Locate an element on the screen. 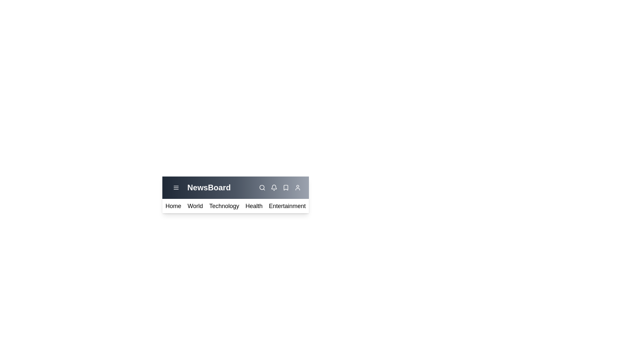 This screenshot has width=631, height=355. the search icon in the NewsAppBar component is located at coordinates (262, 187).